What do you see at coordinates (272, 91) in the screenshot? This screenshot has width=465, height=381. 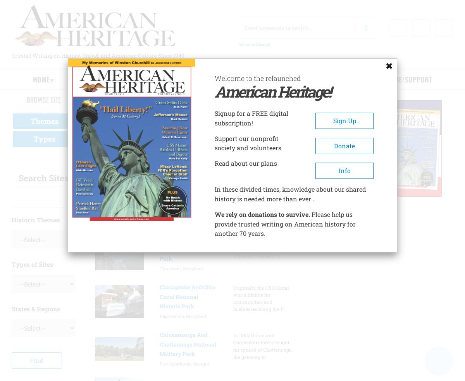 I see `'American Heritage!'` at bounding box center [272, 91].